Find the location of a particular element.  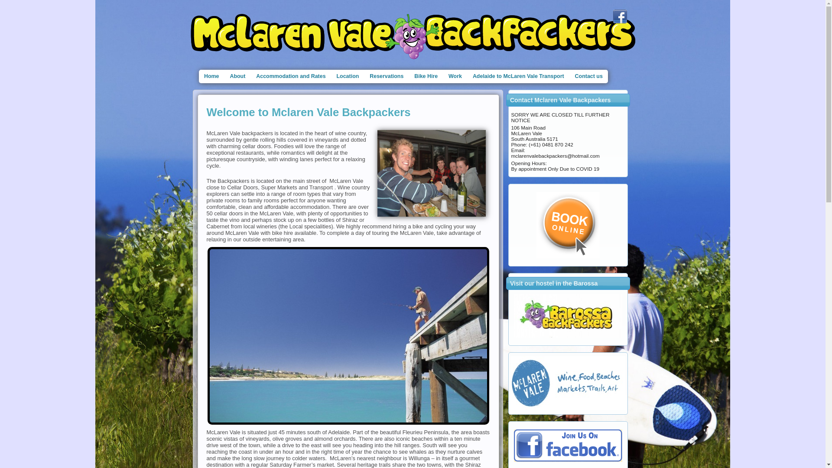

'Contact us' is located at coordinates (588, 76).